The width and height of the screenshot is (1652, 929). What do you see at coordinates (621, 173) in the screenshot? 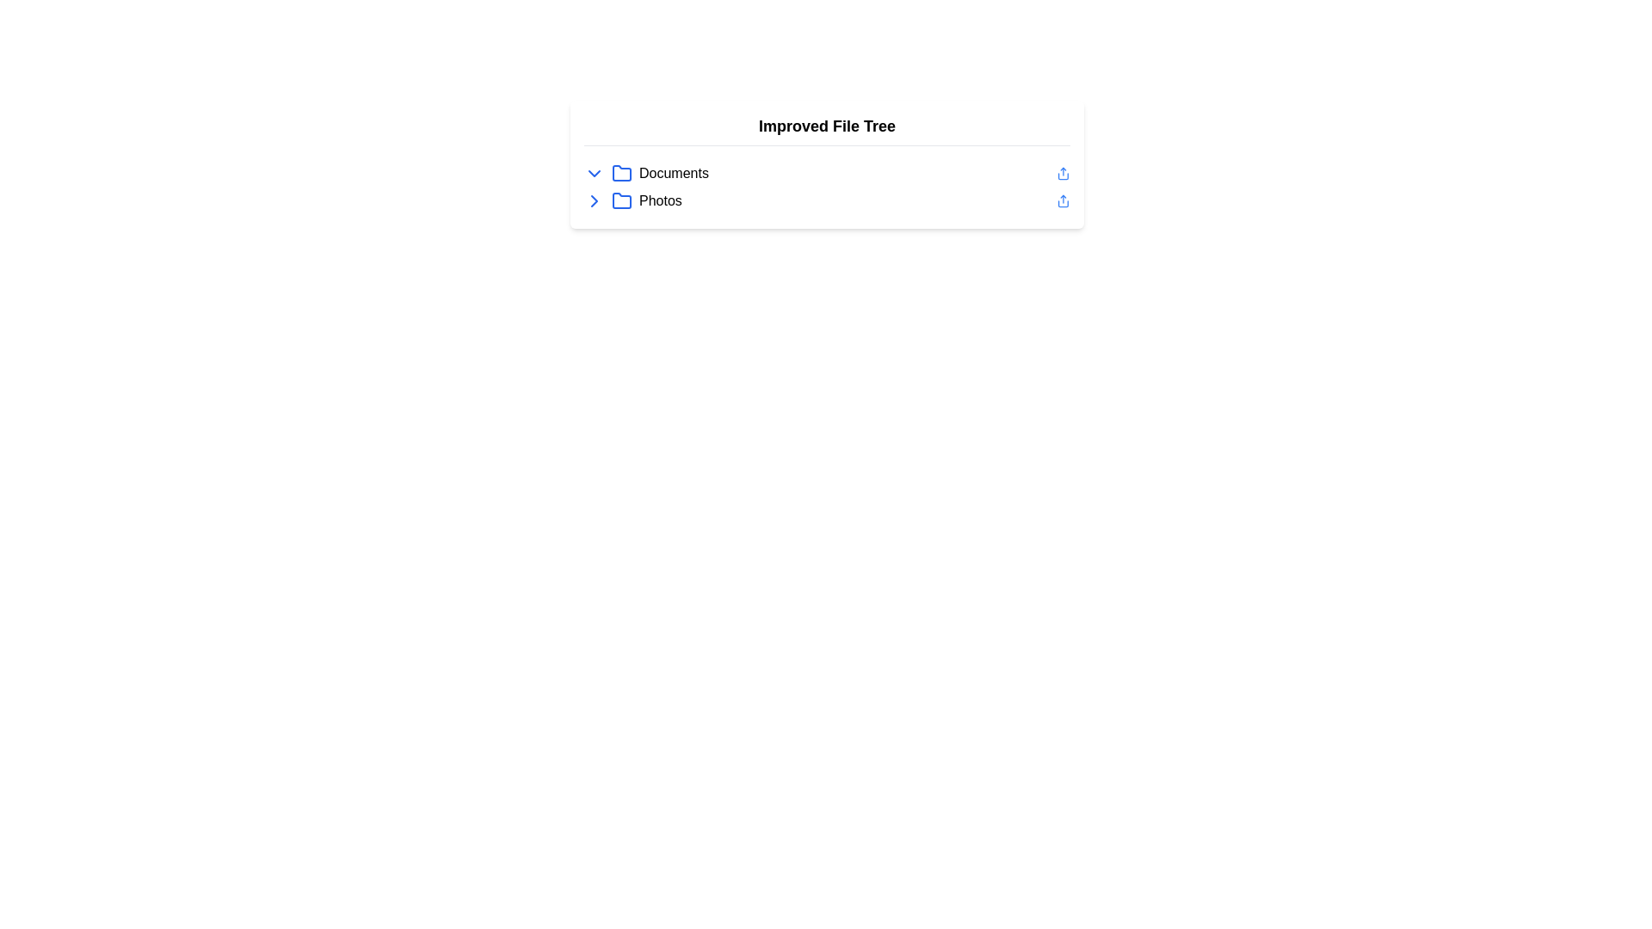
I see `the folder icon representing the 'Documents' directory in the file tree` at bounding box center [621, 173].